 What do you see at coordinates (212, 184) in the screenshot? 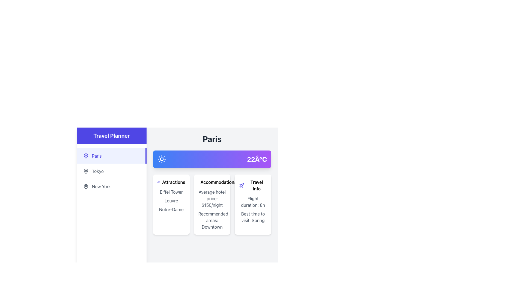
I see `the 'Accommodations' card element, which is the second card in a row of three, located between the 'Attractions' and 'Travel Info' cards, featuring a white background and rounded corners` at bounding box center [212, 184].